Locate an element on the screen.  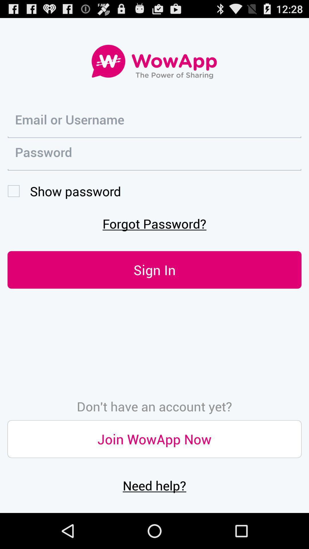
the item above the need help? item is located at coordinates (154, 439).